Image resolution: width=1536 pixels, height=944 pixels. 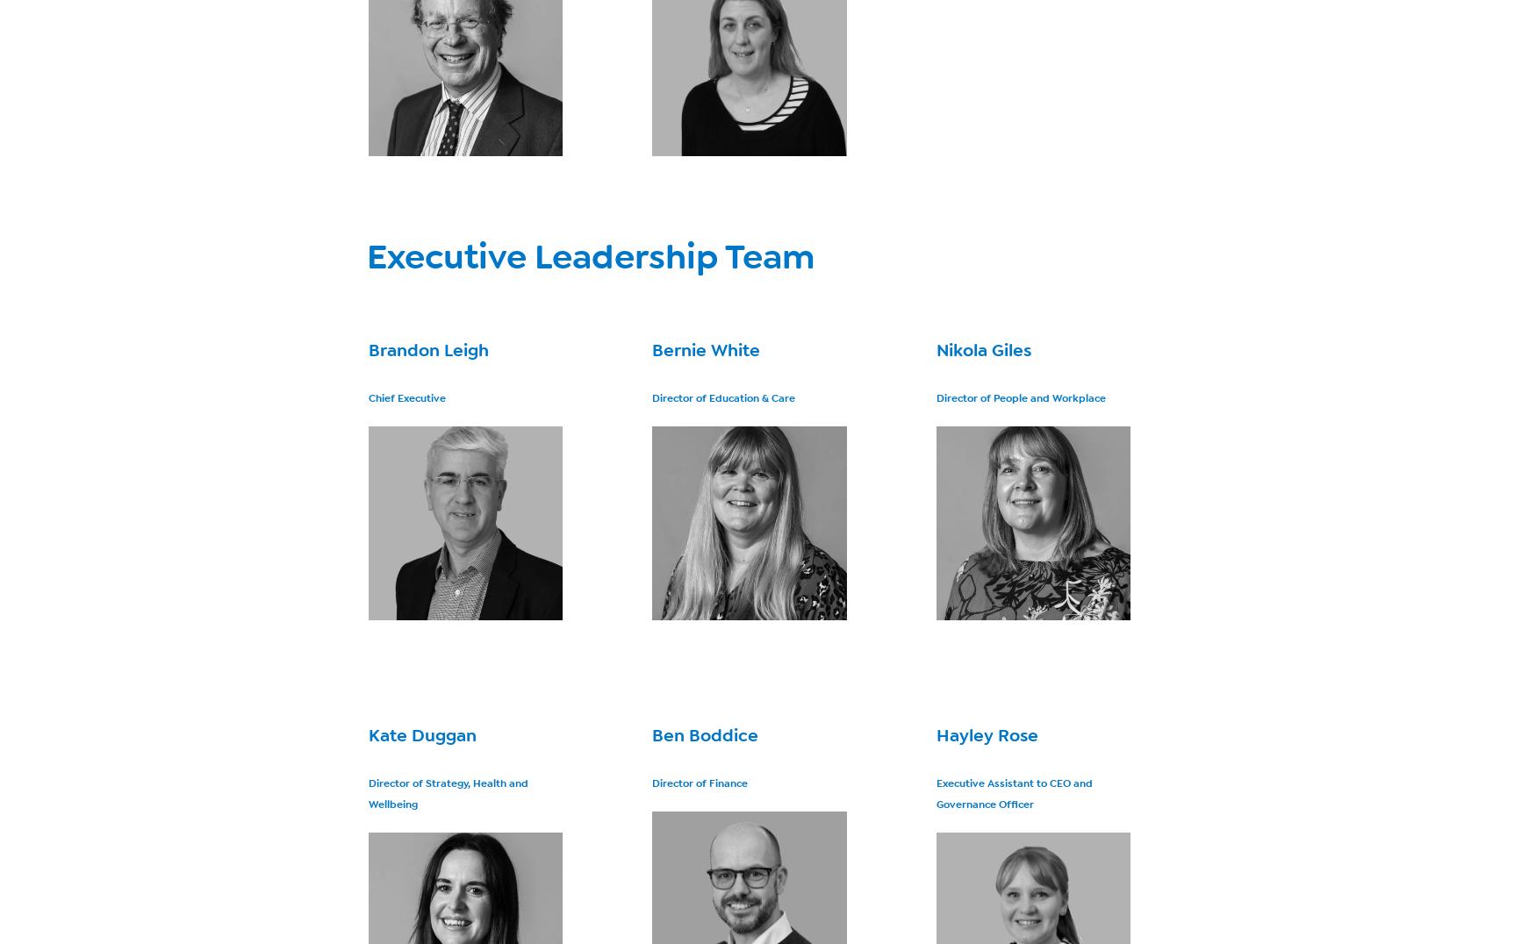 I want to click on 'Chief Executive', so click(x=406, y=397).